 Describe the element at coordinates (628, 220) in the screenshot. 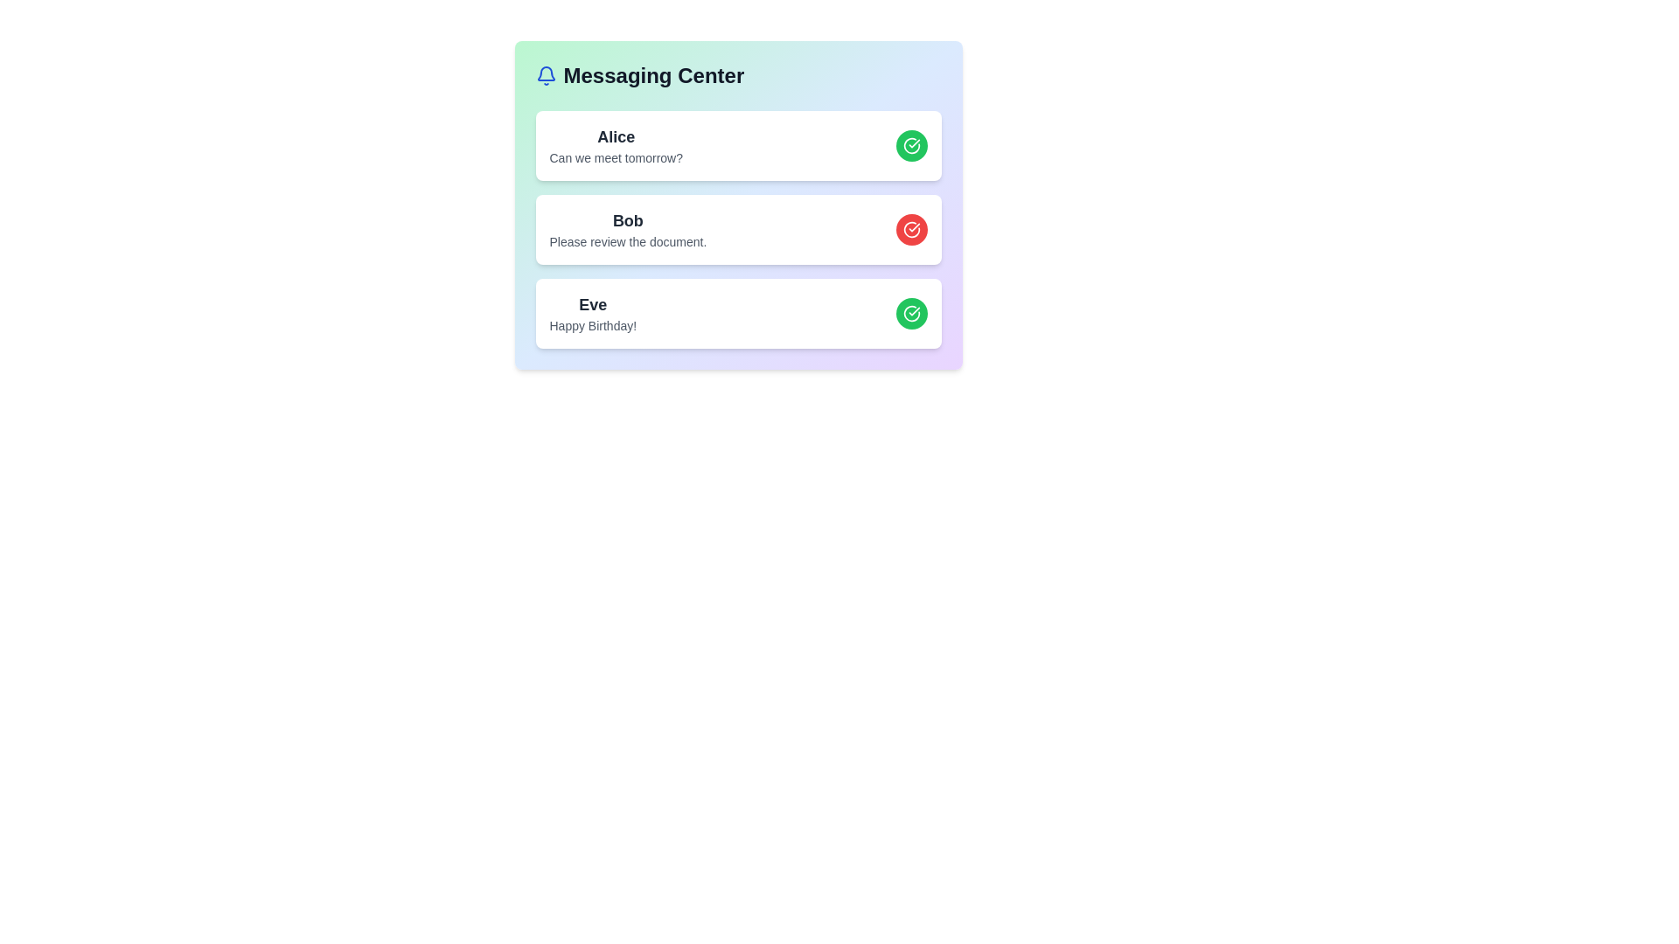

I see `the message from Bob to examine the preview text` at that location.